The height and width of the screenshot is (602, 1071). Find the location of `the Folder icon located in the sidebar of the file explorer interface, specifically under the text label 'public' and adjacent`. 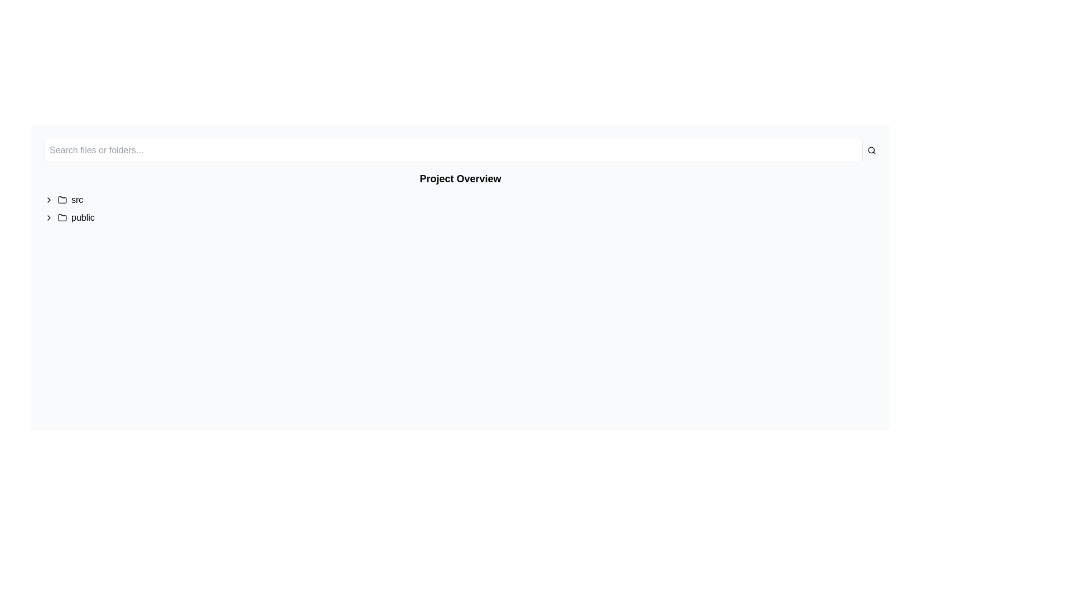

the Folder icon located in the sidebar of the file explorer interface, specifically under the text label 'public' and adjacent is located at coordinates (61, 217).